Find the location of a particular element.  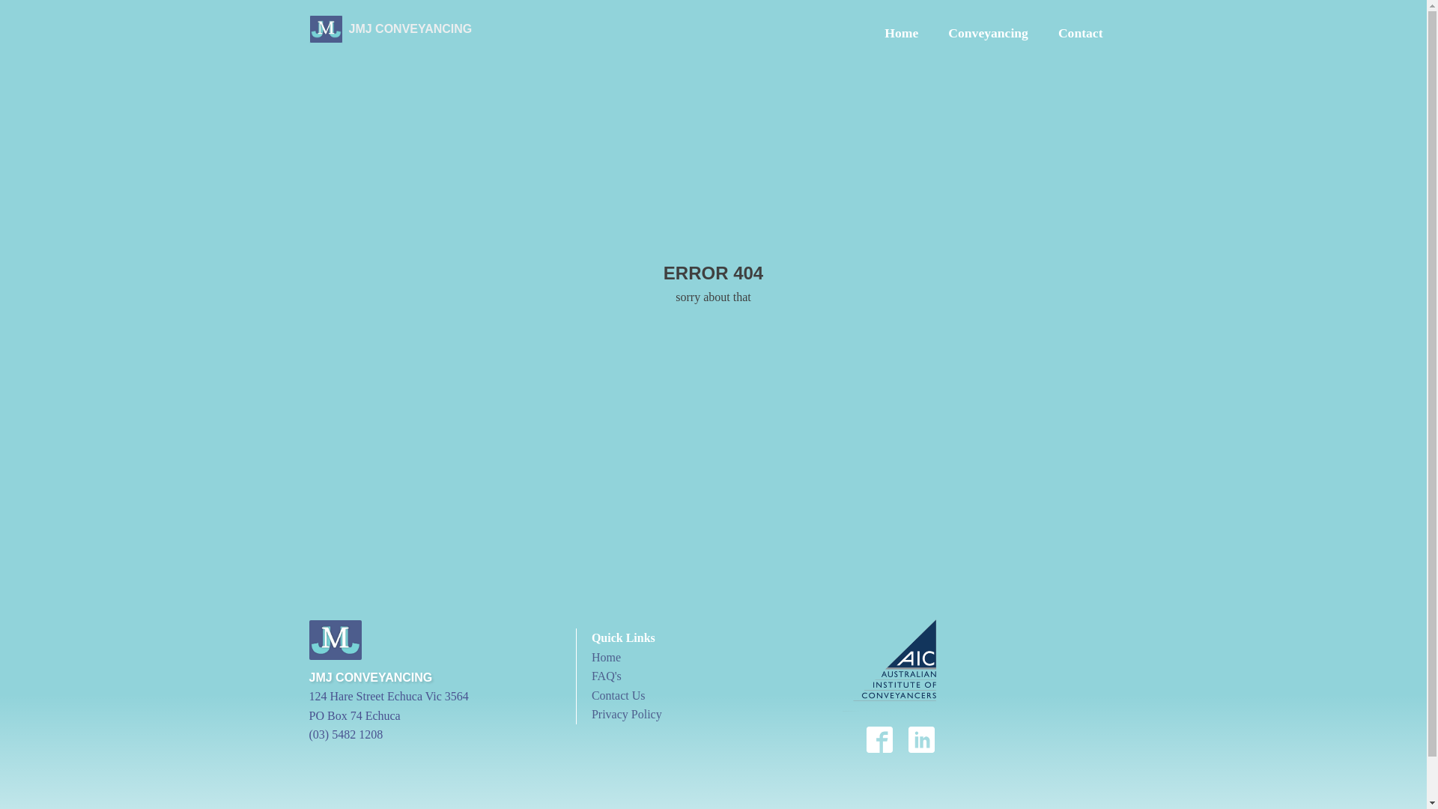

'Privacy Policy' is located at coordinates (626, 713).